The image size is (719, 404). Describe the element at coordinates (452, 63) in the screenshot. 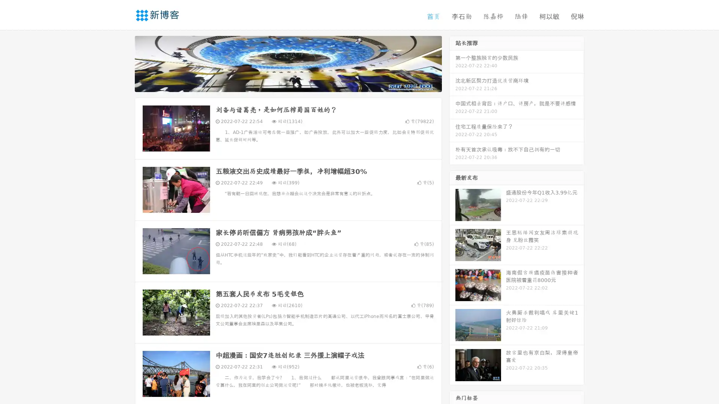

I see `Next slide` at that location.